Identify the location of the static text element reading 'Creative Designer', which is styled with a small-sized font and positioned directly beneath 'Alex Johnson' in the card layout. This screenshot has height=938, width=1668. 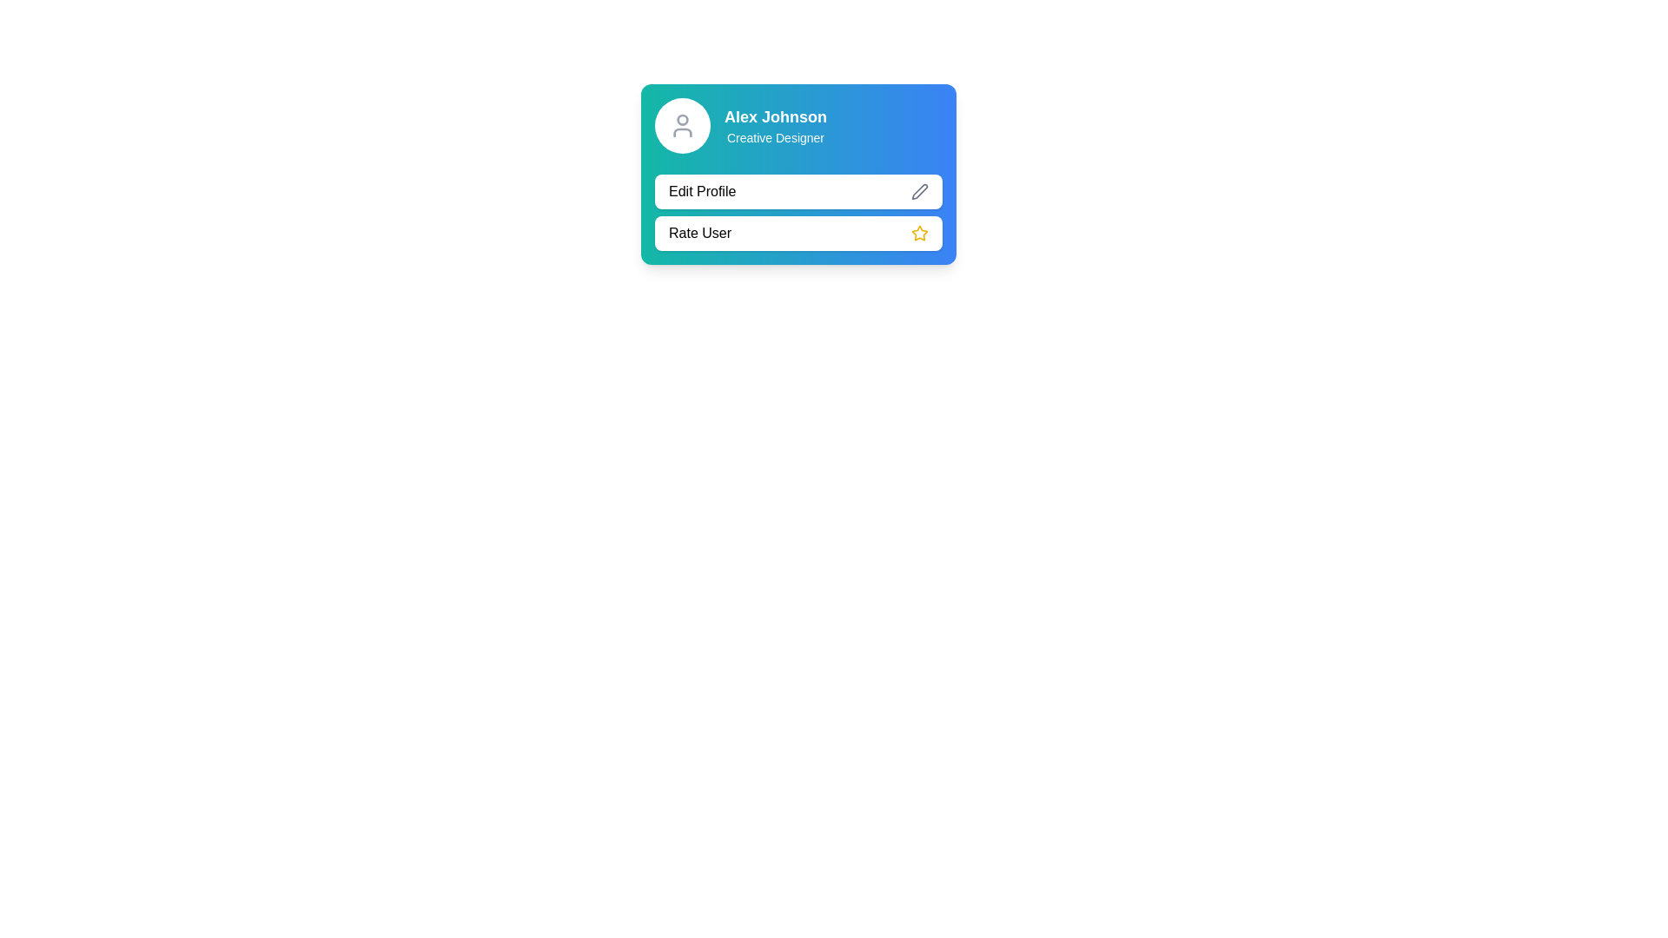
(774, 136).